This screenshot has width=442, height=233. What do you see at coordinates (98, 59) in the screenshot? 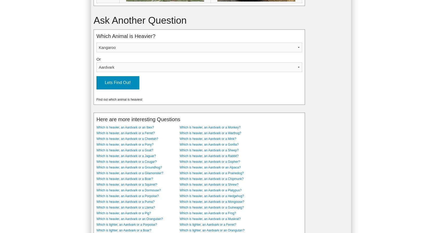
I see `'Or'` at bounding box center [98, 59].